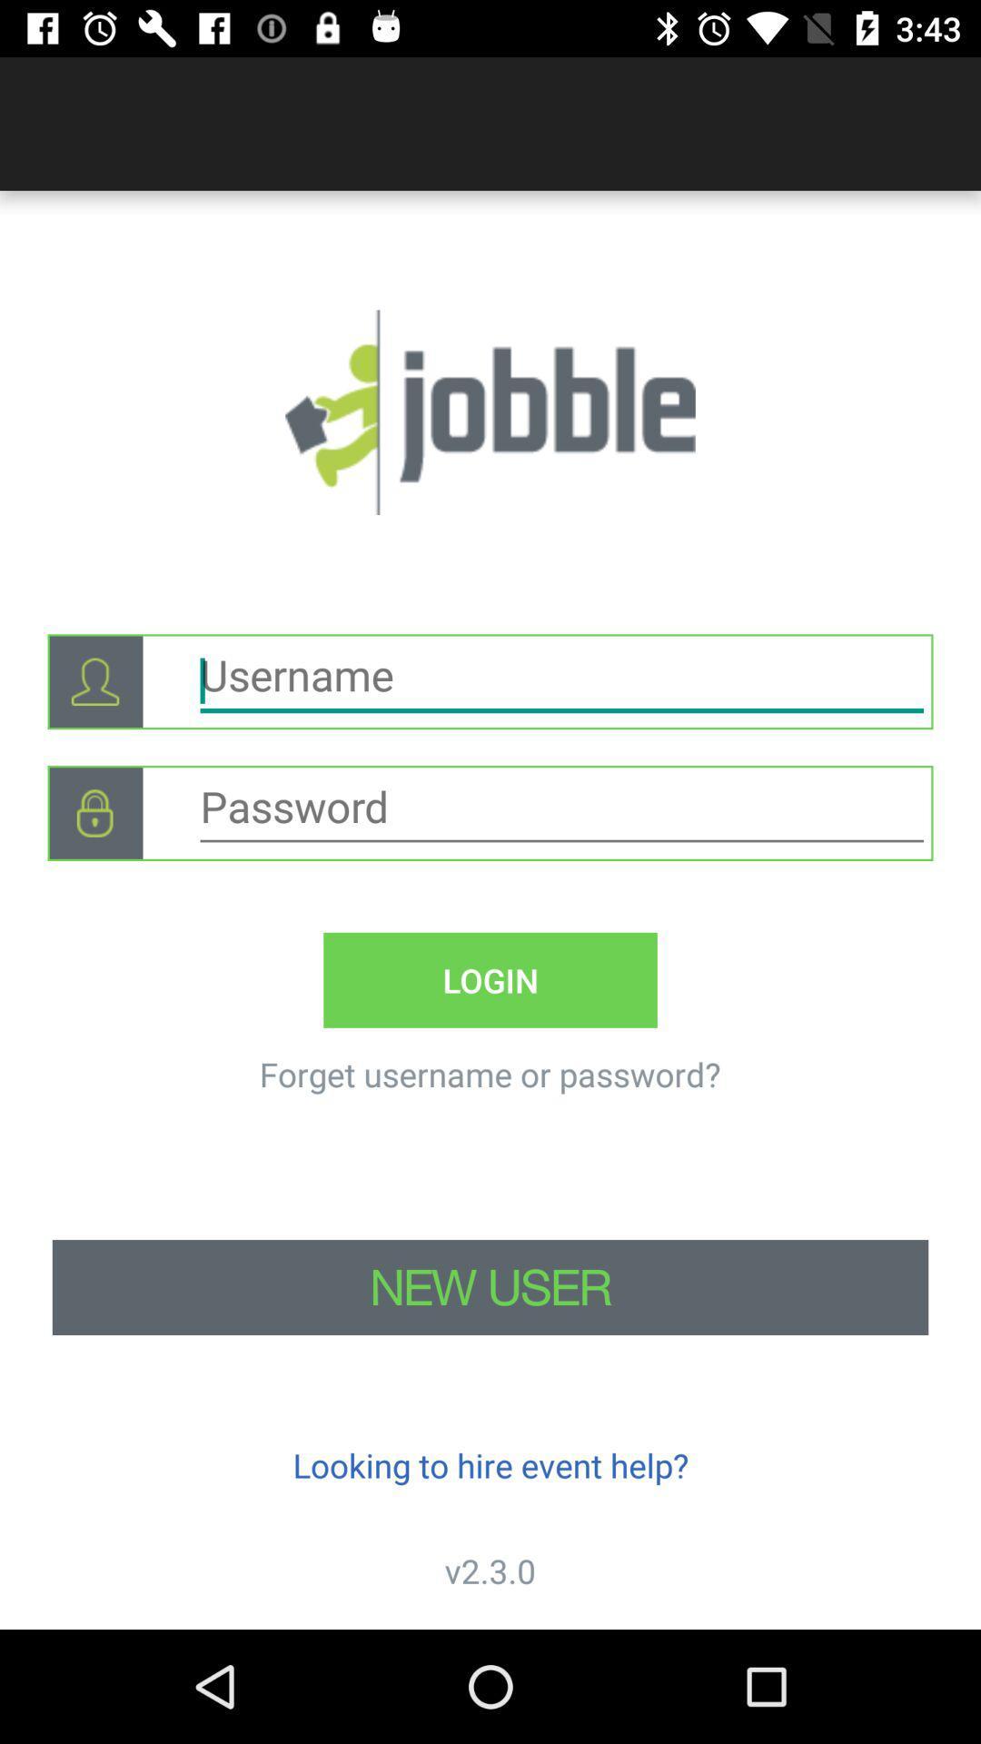 This screenshot has height=1744, width=981. I want to click on forget username or icon, so click(489, 1074).